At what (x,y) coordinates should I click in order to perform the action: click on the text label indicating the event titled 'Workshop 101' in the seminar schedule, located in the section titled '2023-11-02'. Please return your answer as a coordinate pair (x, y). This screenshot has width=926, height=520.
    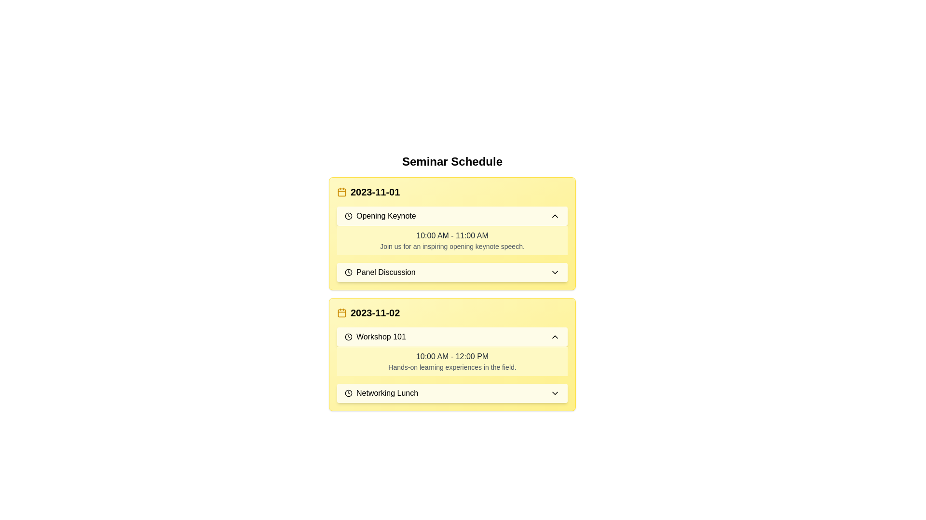
    Looking at the image, I should click on (375, 336).